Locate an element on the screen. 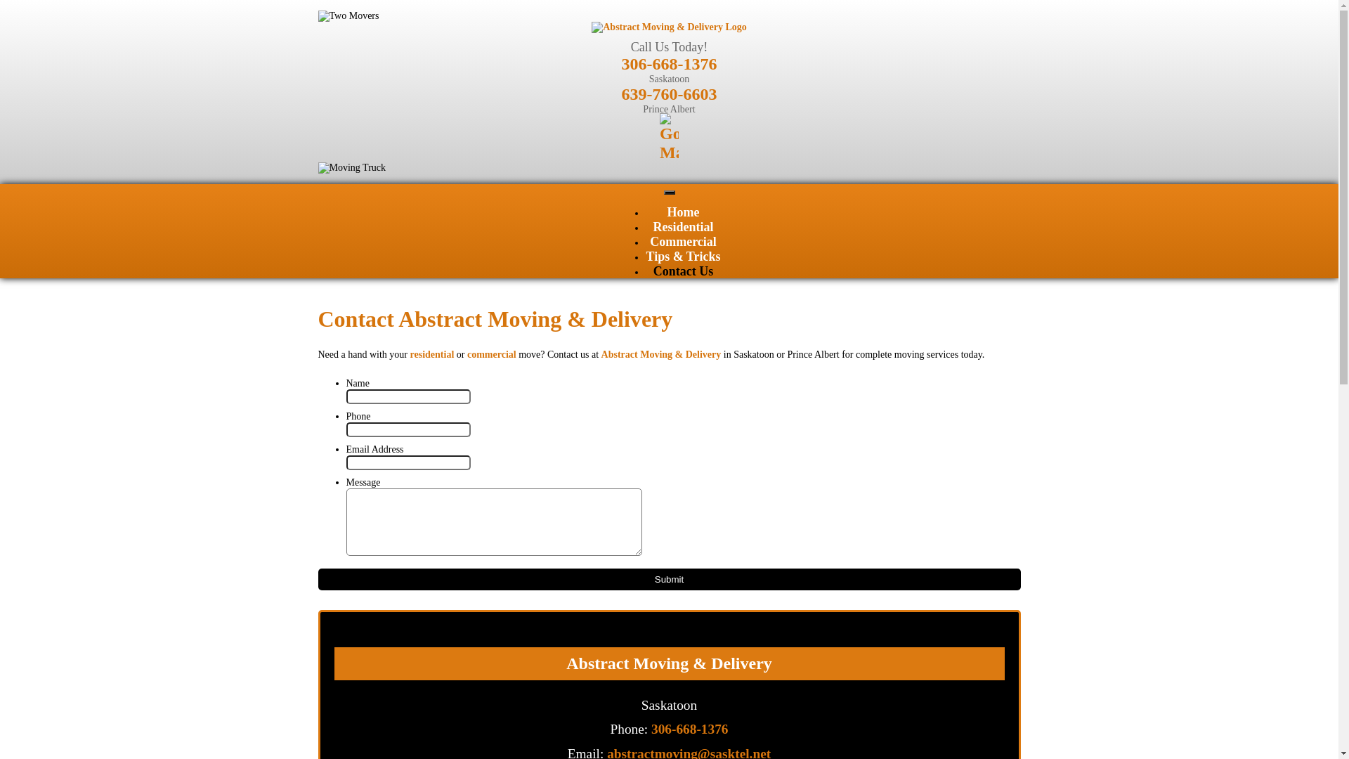 The image size is (1349, 759). 'Home' is located at coordinates (684, 212).